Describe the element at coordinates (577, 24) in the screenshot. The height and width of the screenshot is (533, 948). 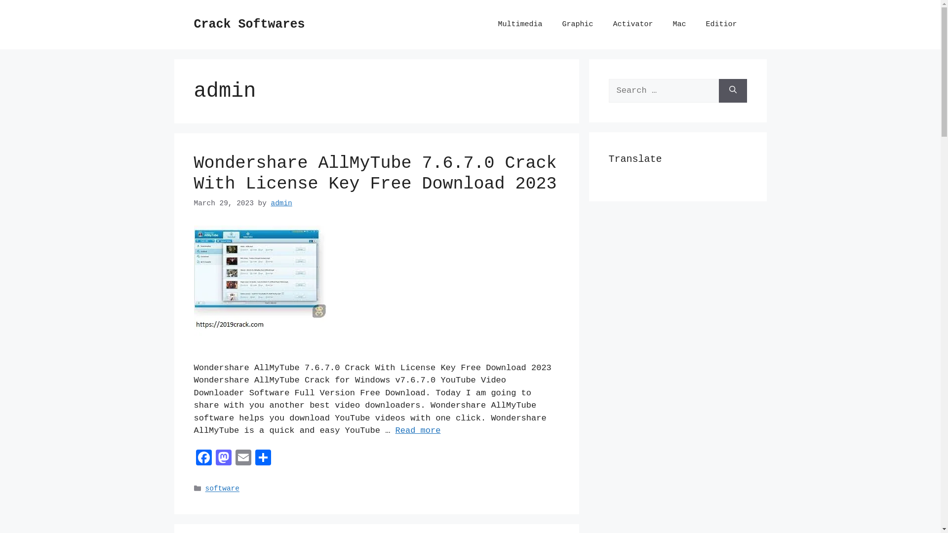
I see `'Graphic'` at that location.